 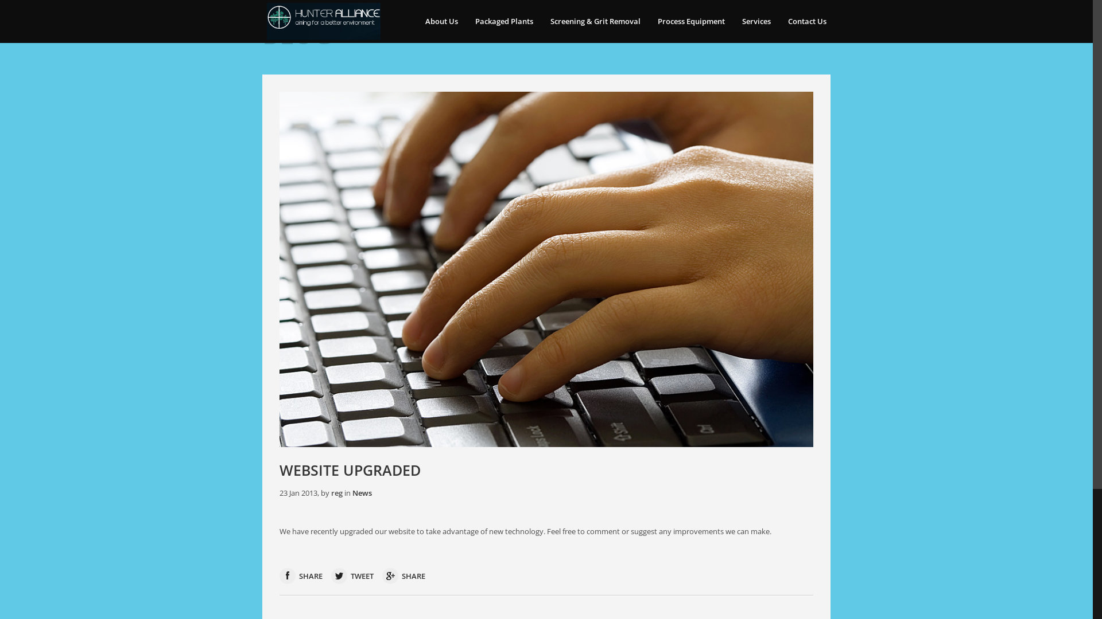 I want to click on 'SHARE', so click(x=301, y=576).